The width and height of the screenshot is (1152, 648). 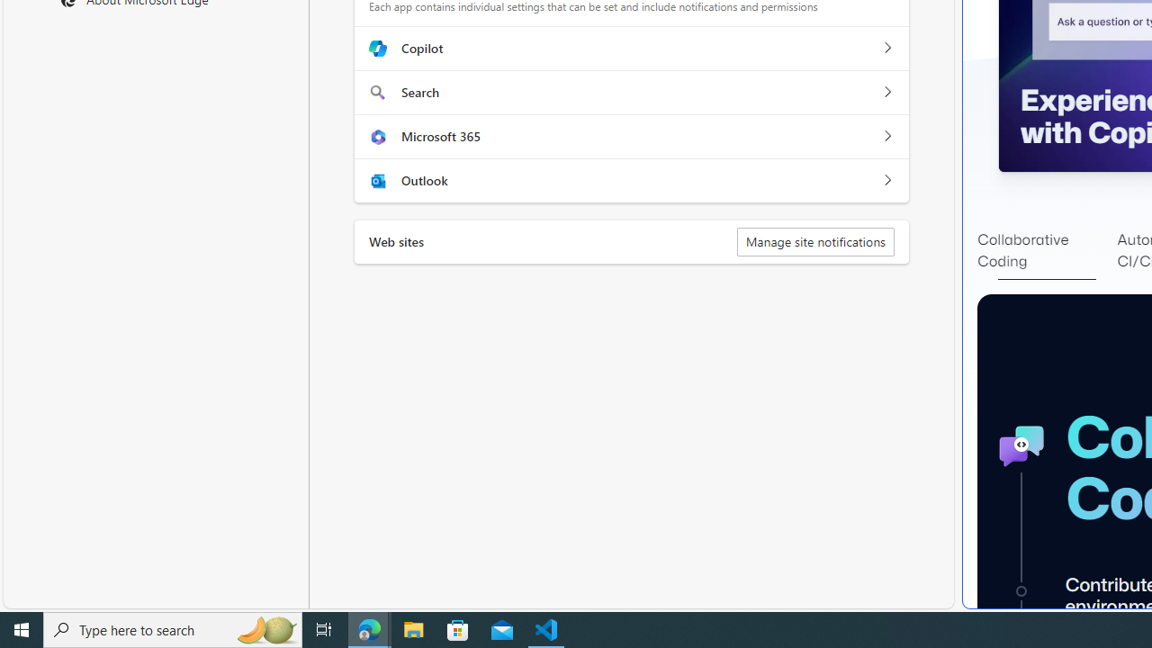 What do you see at coordinates (545, 628) in the screenshot?
I see `'Visual Studio Code - 1 running window'` at bounding box center [545, 628].